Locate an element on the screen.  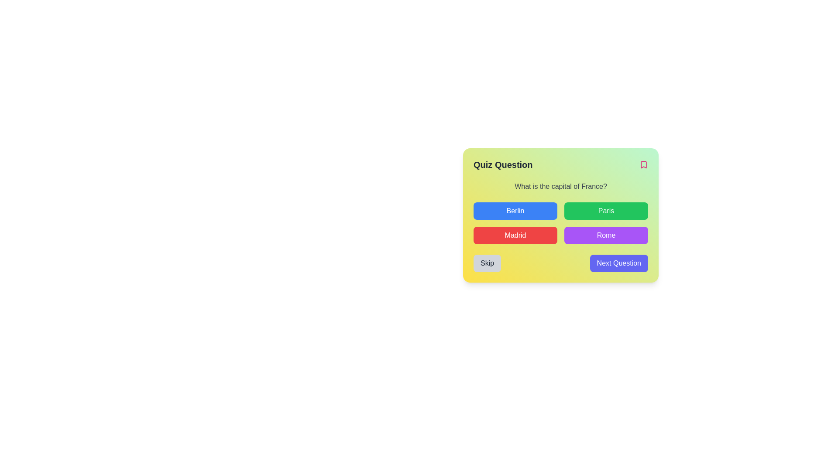
the red button labeled 'Madrid' to trigger its visual effect is located at coordinates (515, 235).